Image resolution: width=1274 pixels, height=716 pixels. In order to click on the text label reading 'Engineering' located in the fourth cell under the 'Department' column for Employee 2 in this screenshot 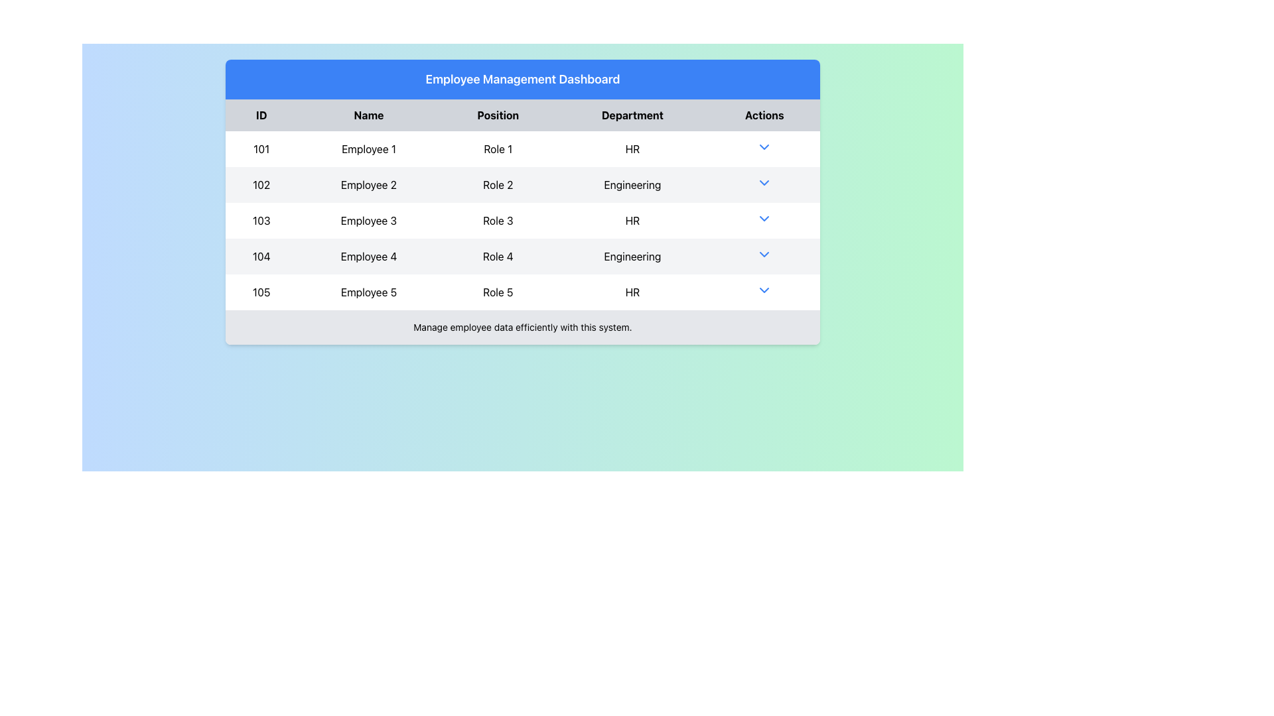, I will do `click(632, 184)`.